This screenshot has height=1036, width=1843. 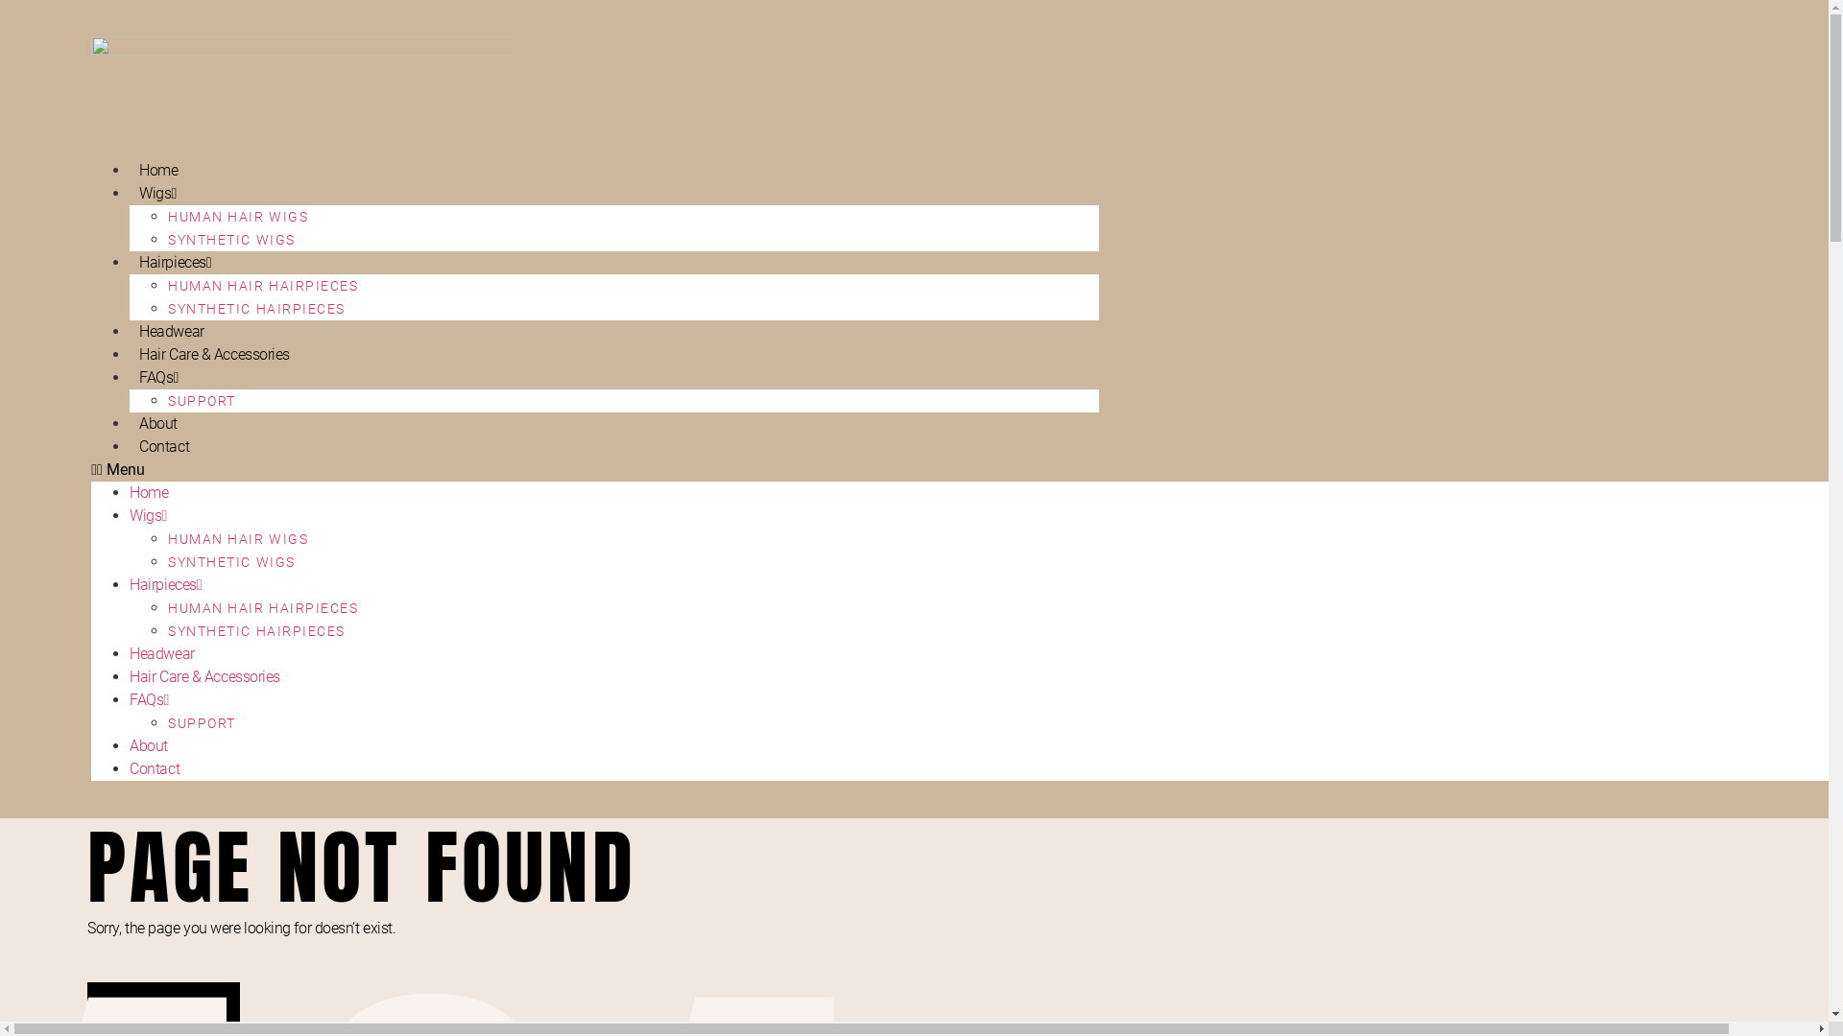 What do you see at coordinates (164, 446) in the screenshot?
I see `'Contact'` at bounding box center [164, 446].